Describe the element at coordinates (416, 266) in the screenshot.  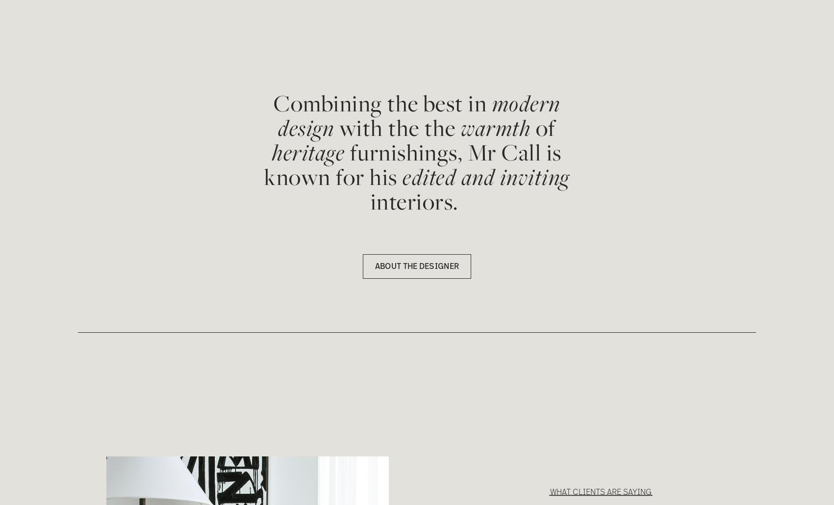
I see `'ABOUT THE DESIGNER'` at that location.